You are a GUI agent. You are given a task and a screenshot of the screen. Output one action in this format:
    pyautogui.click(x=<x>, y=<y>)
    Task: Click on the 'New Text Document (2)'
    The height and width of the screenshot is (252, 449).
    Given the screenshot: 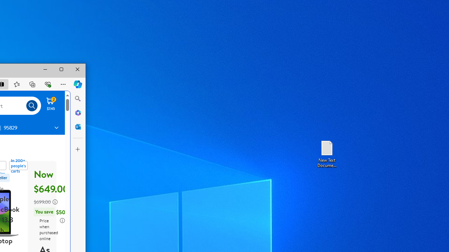 What is the action you would take?
    pyautogui.click(x=326, y=153)
    